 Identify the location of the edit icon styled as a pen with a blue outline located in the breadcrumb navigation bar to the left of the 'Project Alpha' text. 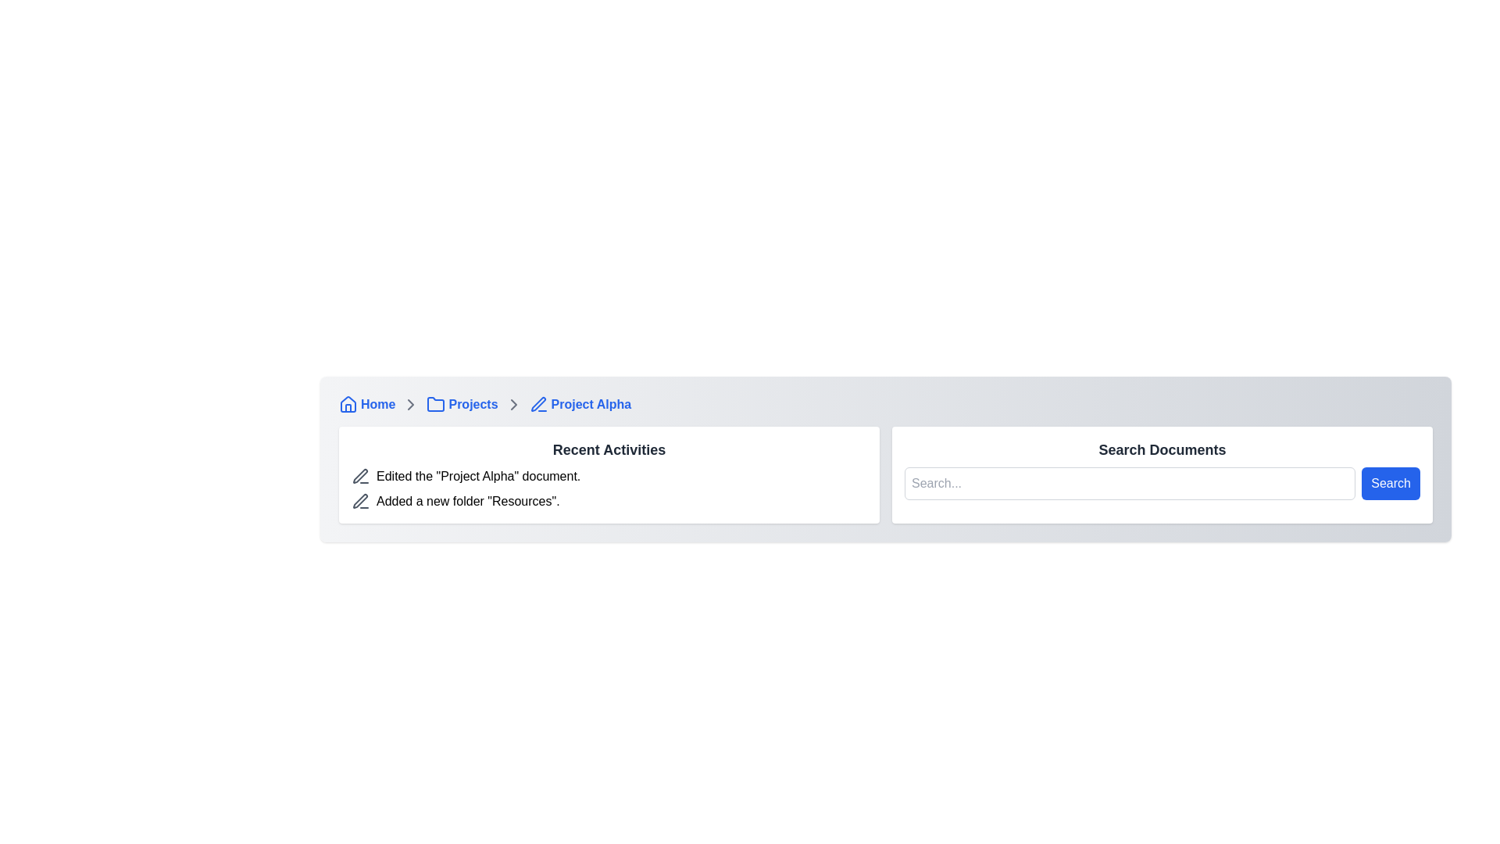
(538, 403).